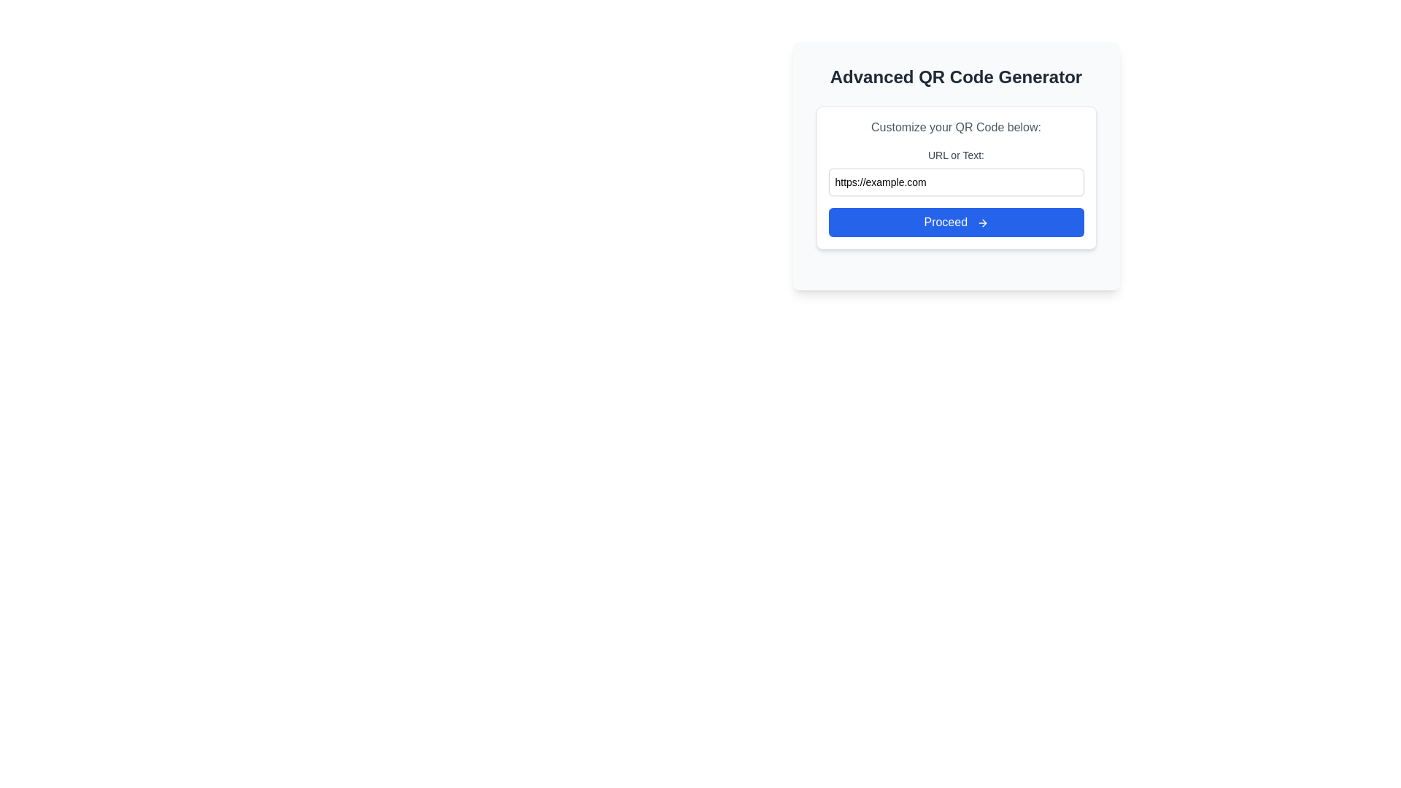 The height and width of the screenshot is (788, 1401). I want to click on the right-facing arrow icon located within the blue 'Proceed' button at the center of the card interface, so click(982, 223).